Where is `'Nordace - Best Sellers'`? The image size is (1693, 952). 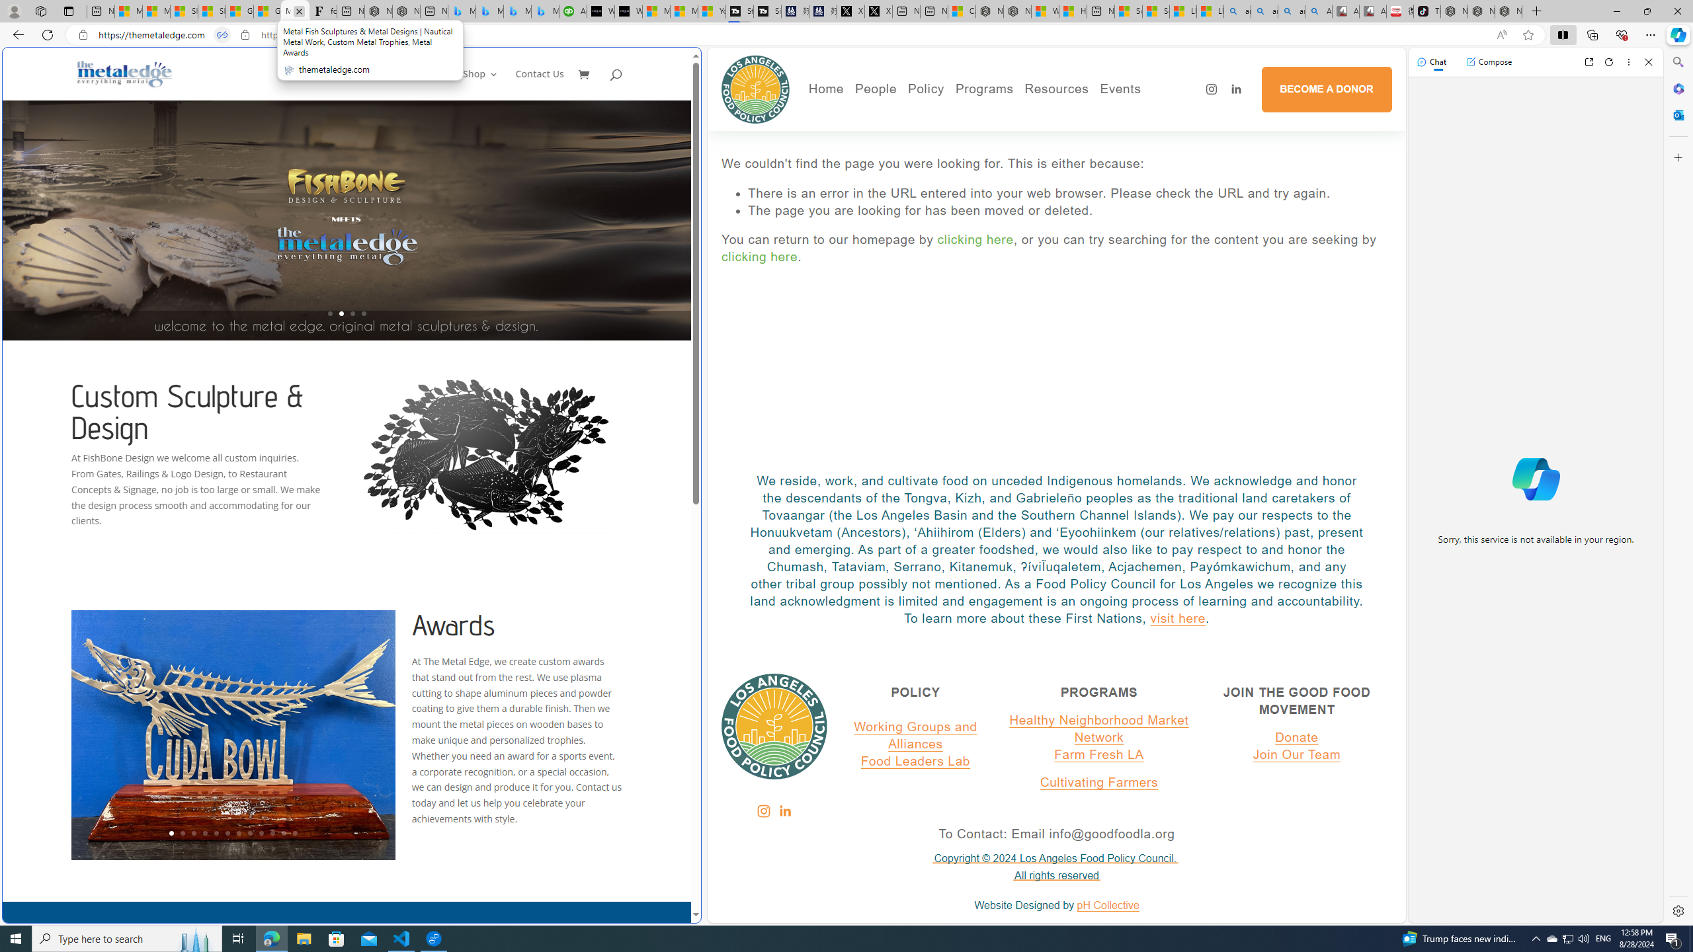
'Nordace - Best Sellers' is located at coordinates (1454, 11).